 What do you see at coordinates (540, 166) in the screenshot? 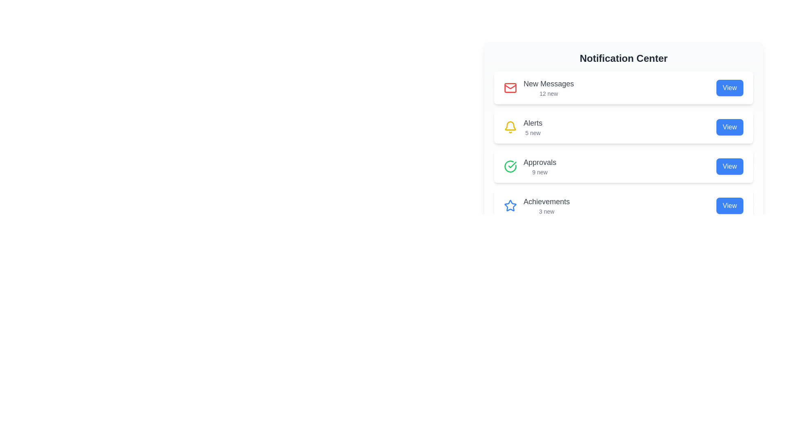
I see `the notification entry summarizing 'Approvals' located in the Notification Center, which informs about 9 new updates related to approvals` at bounding box center [540, 166].